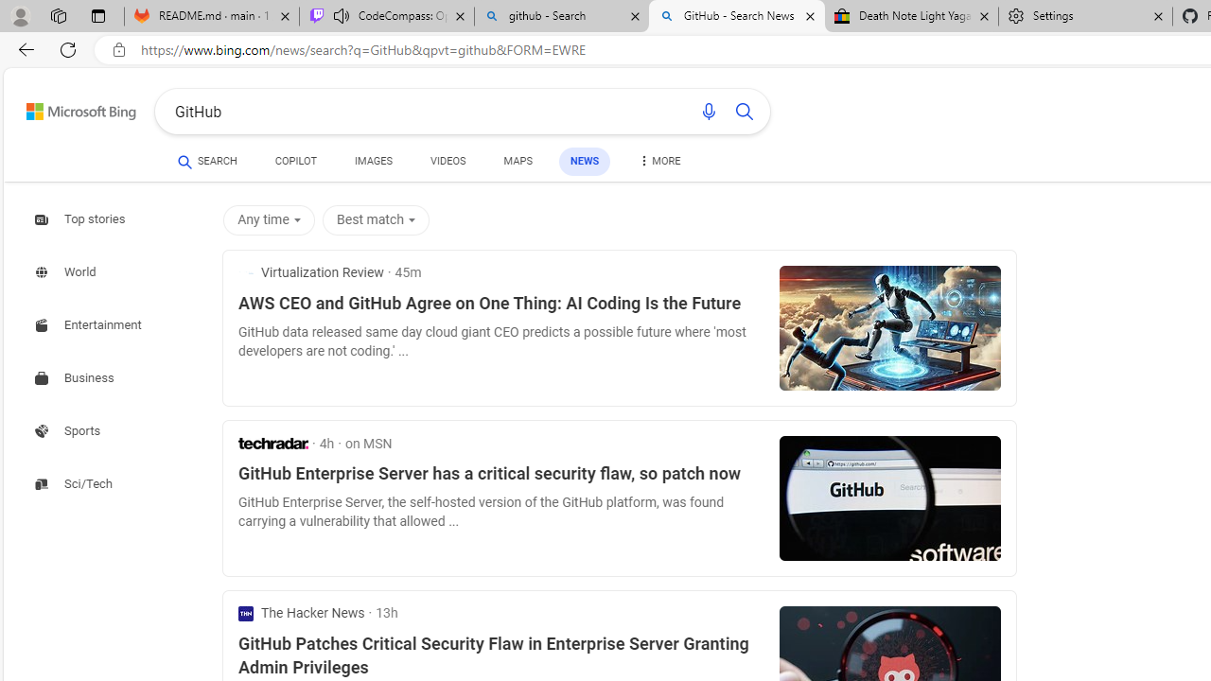 The height and width of the screenshot is (681, 1211). What do you see at coordinates (341, 15) in the screenshot?
I see `'Mute tab'` at bounding box center [341, 15].